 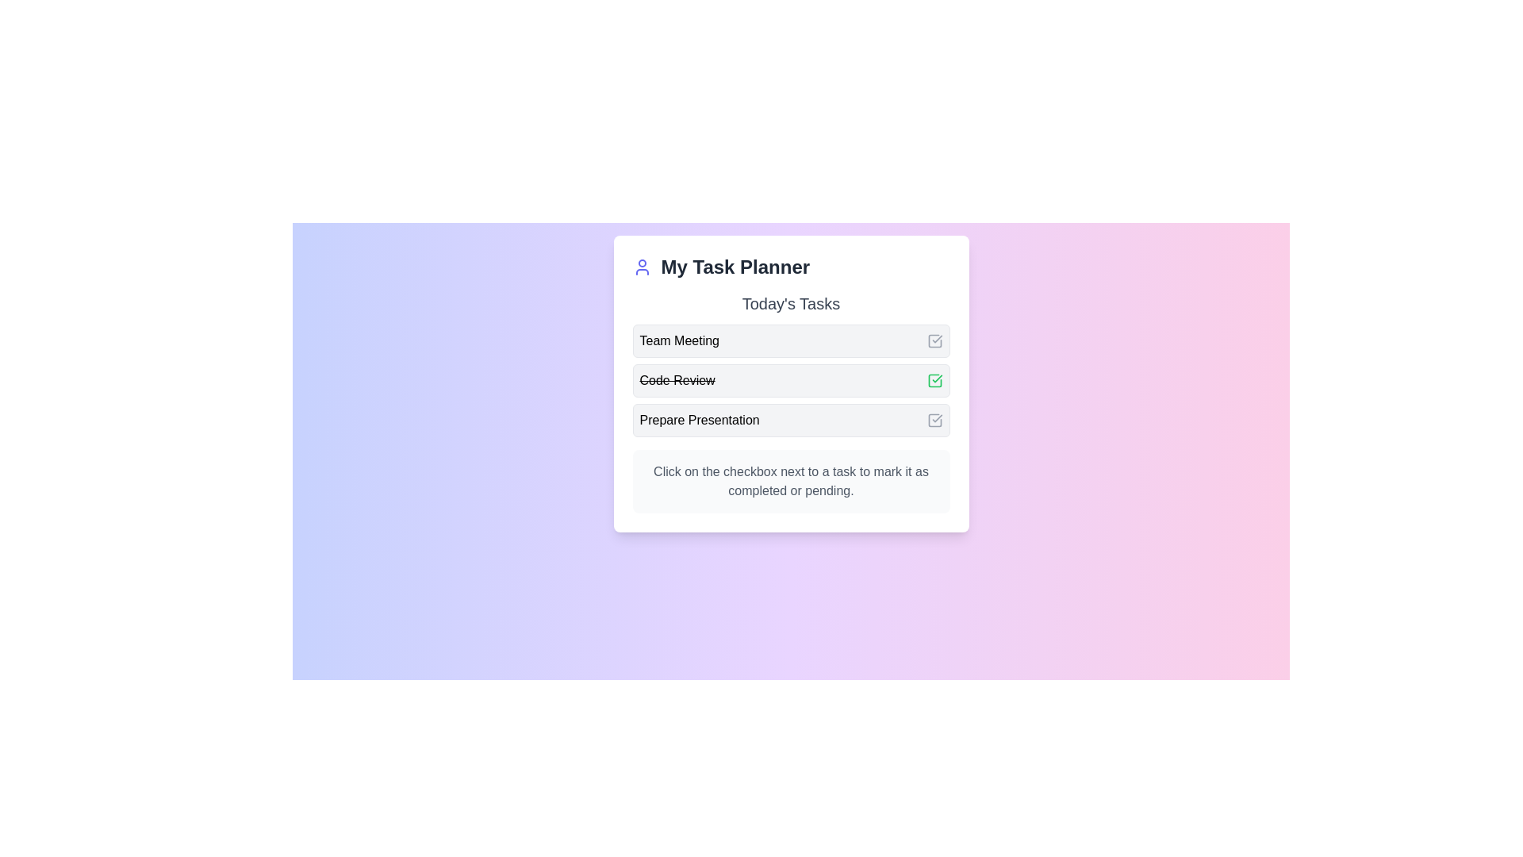 I want to click on the non-interactive text label 'Prepare Presentation' located in the third row of tasks under 'Today's Tasks', so click(x=699, y=419).